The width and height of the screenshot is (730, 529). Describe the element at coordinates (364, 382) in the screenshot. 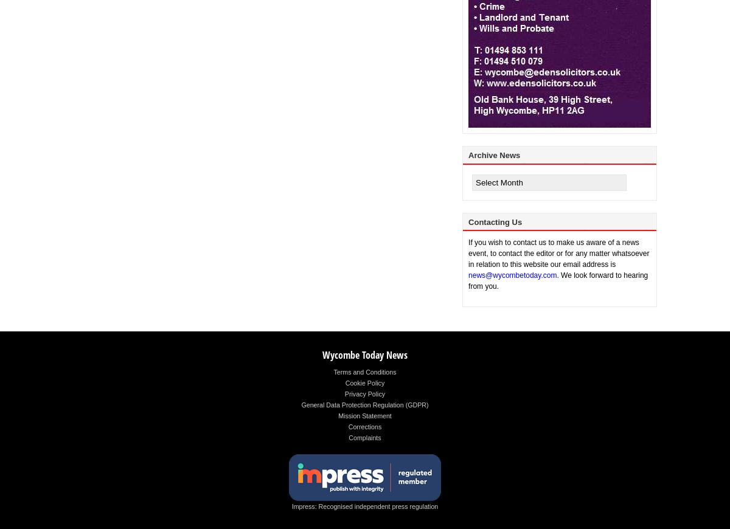

I see `'Cookie Policy'` at that location.